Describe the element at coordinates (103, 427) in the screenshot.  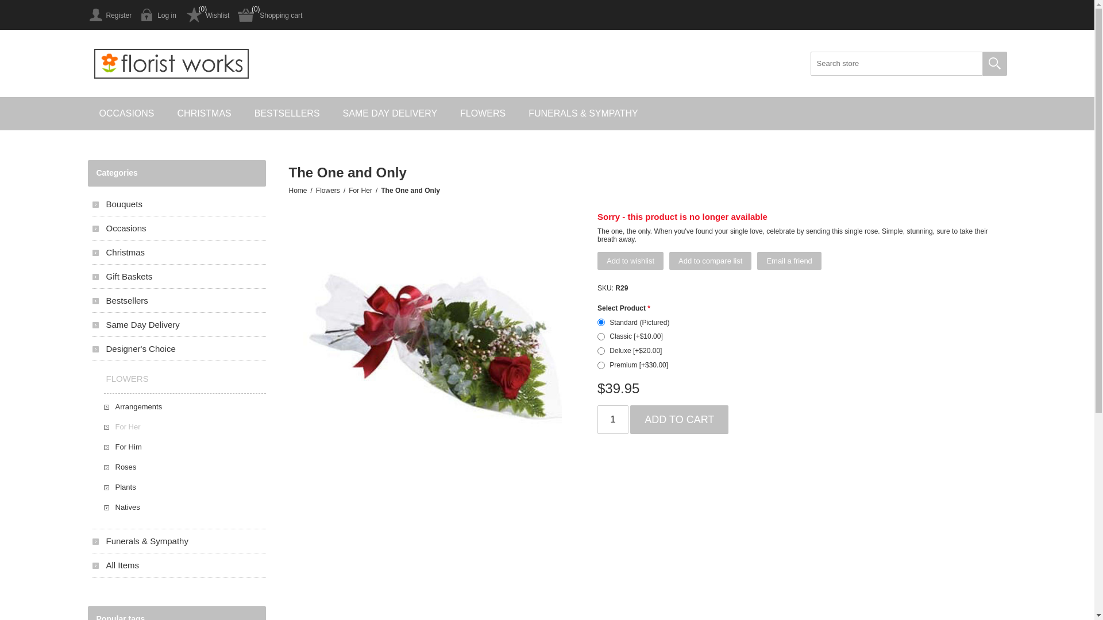
I see `'For Her'` at that location.